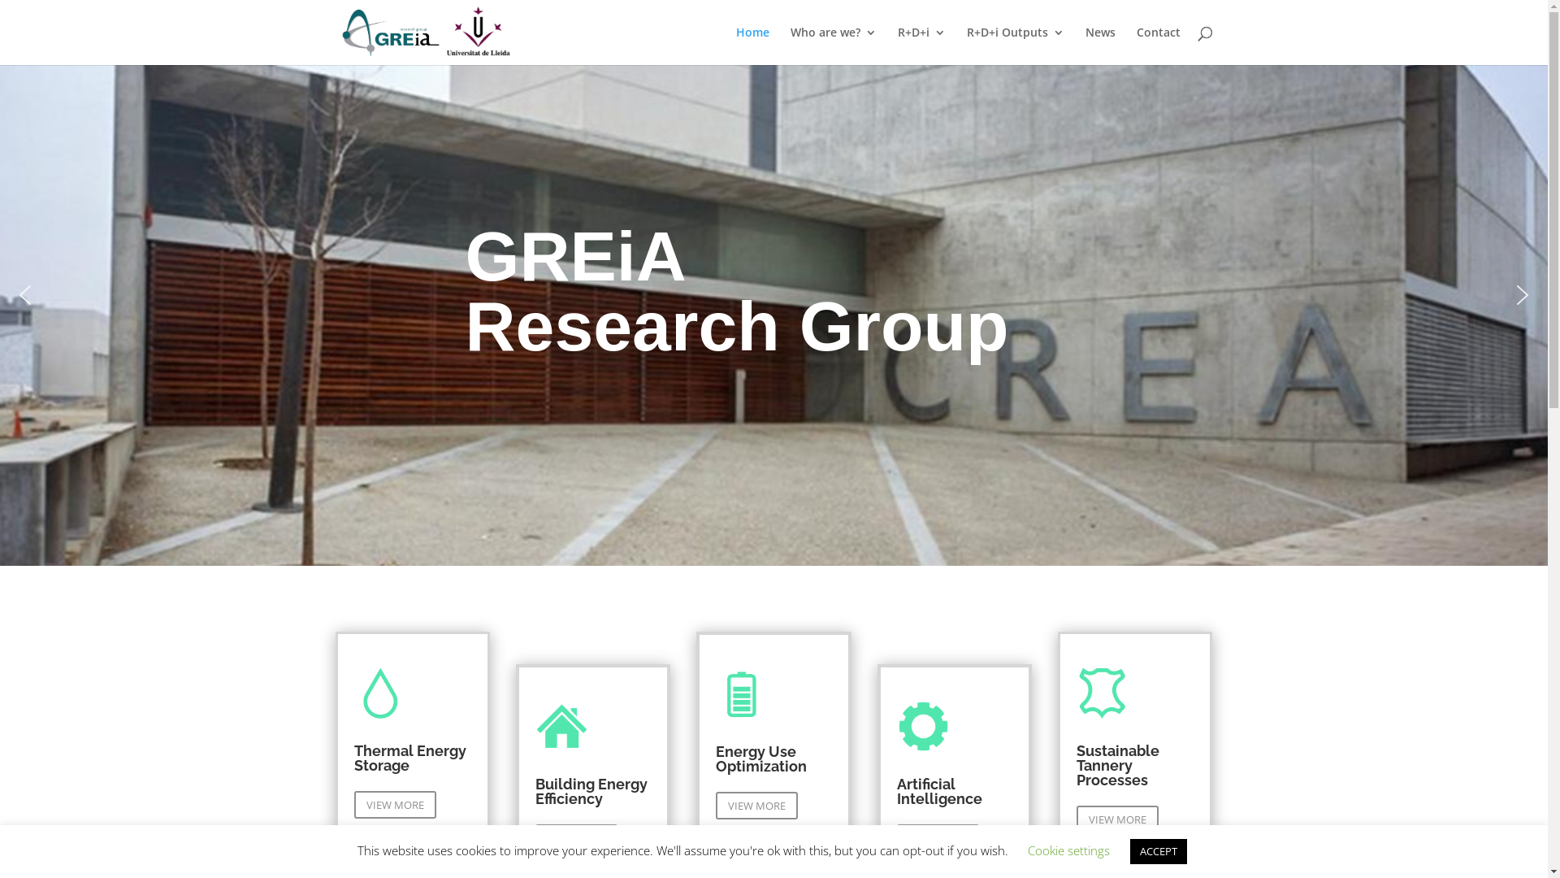 The image size is (1560, 878). I want to click on 'R+D+i Outputs', so click(1014, 45).